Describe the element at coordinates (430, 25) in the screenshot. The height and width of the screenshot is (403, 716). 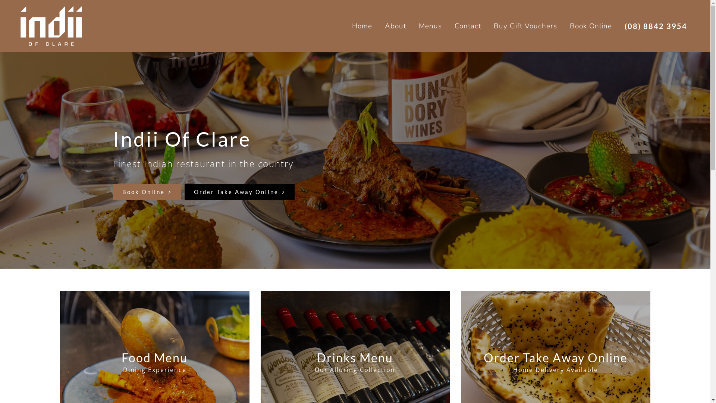
I see `'Menus'` at that location.